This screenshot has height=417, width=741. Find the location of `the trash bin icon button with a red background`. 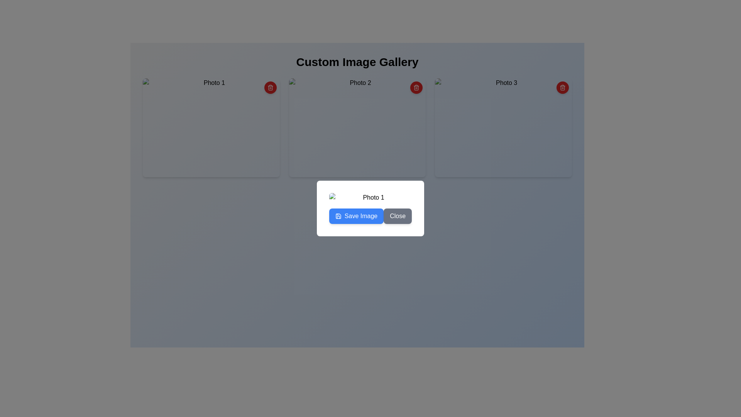

the trash bin icon button with a red background is located at coordinates (563, 87).